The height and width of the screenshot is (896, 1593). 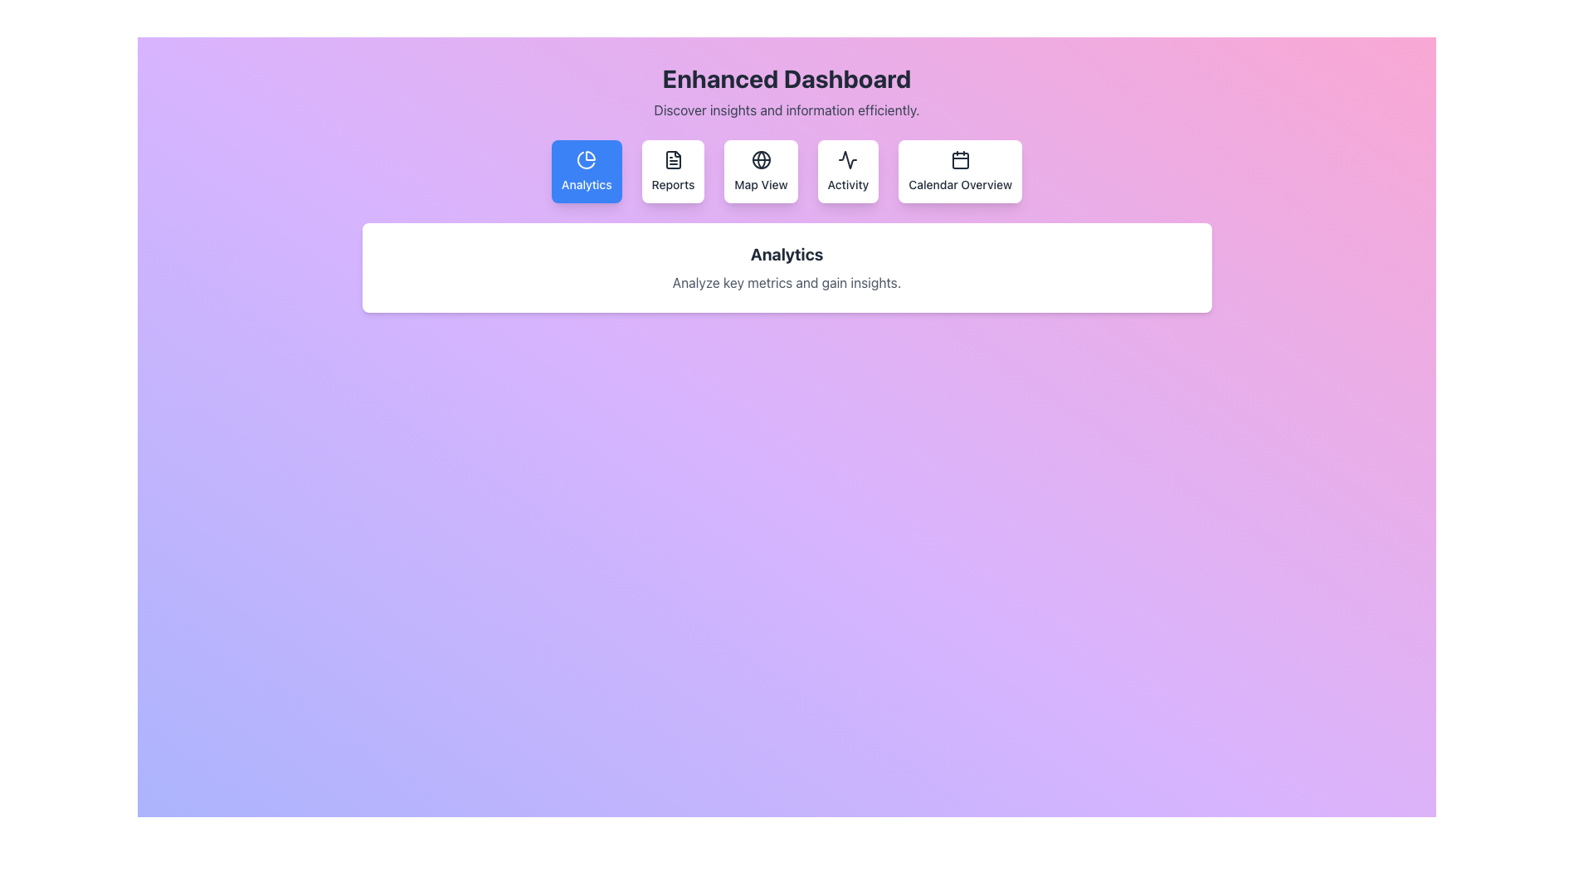 What do you see at coordinates (673, 159) in the screenshot?
I see `the 'Reports' icon button in the toolbar` at bounding box center [673, 159].